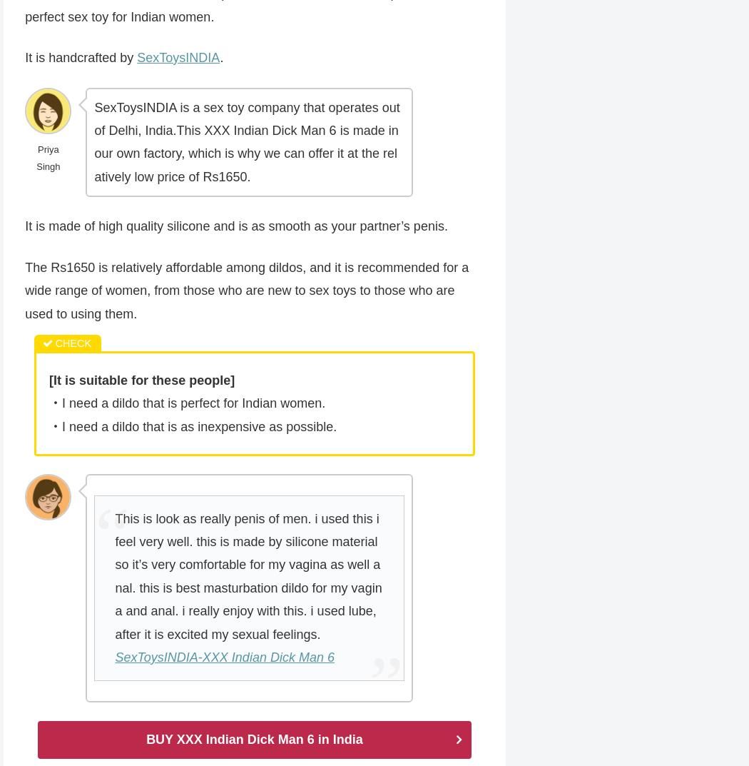  Describe the element at coordinates (224, 658) in the screenshot. I see `'SexToysINDIA-XXX Indian Dick Man 6'` at that location.